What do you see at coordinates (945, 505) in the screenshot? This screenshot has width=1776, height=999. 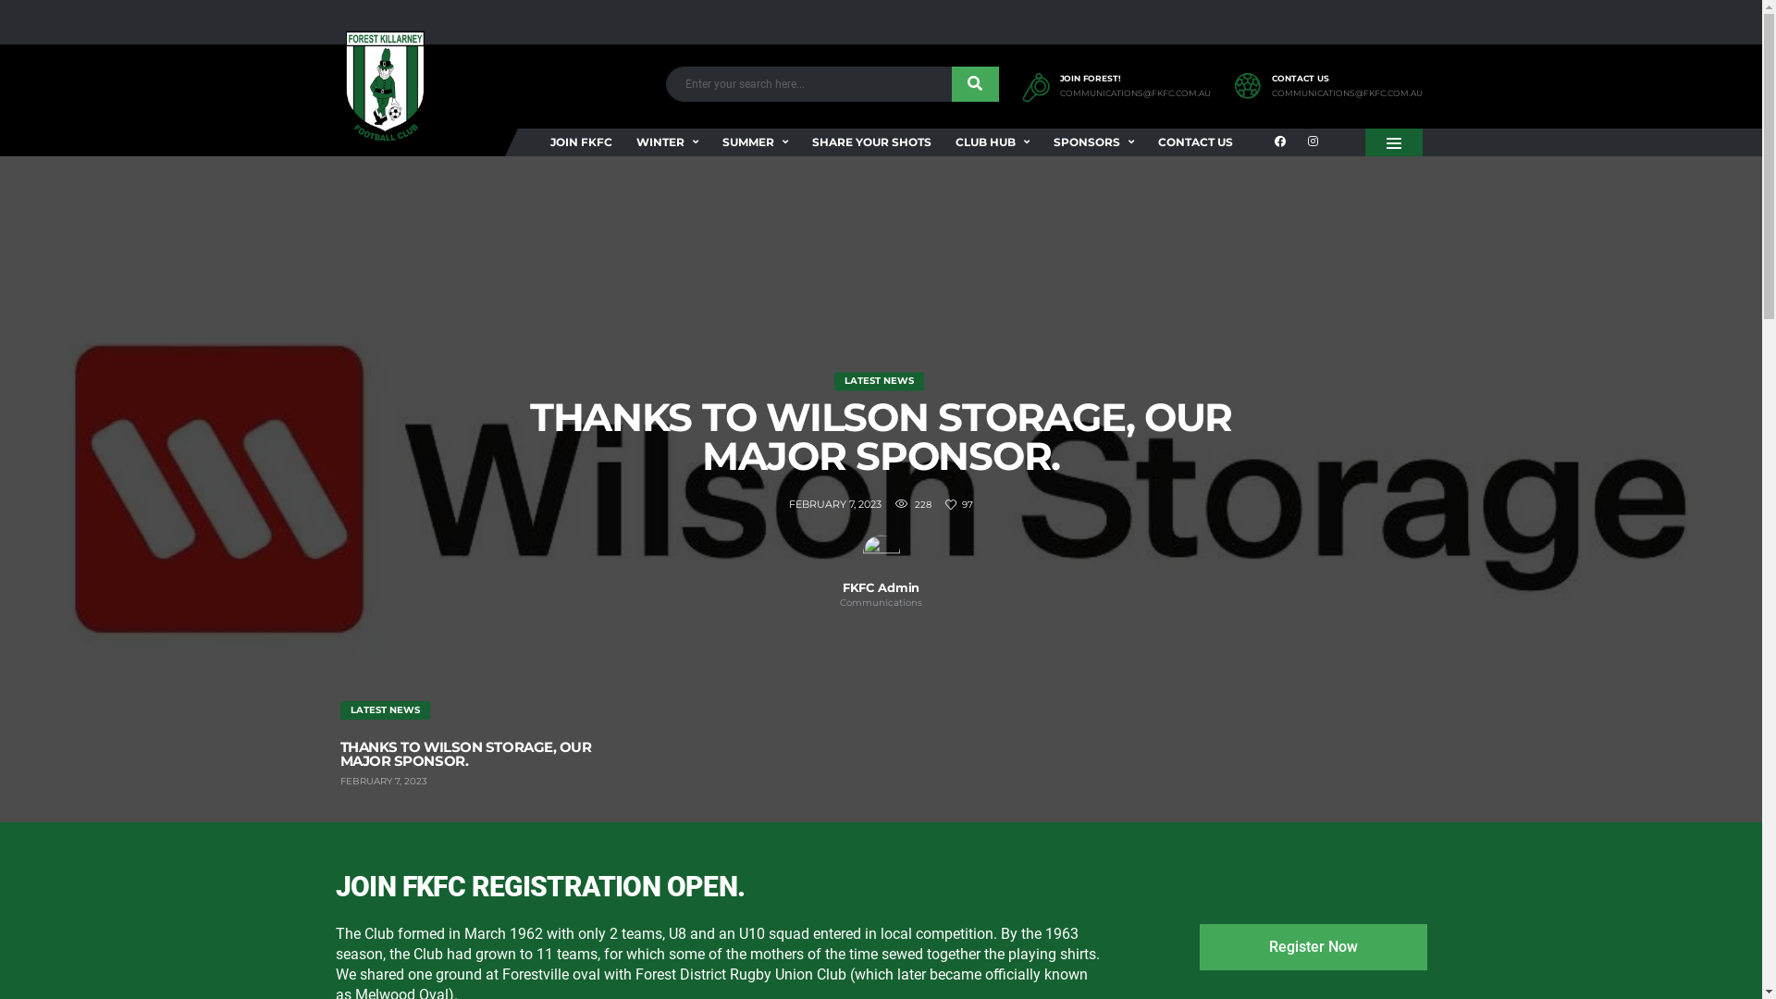 I see `'97'` at bounding box center [945, 505].